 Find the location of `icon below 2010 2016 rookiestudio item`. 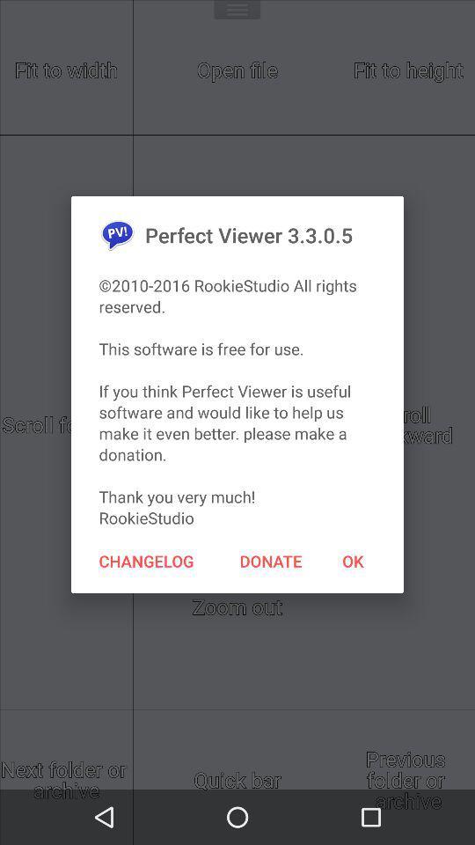

icon below 2010 2016 rookiestudio item is located at coordinates (271, 560).